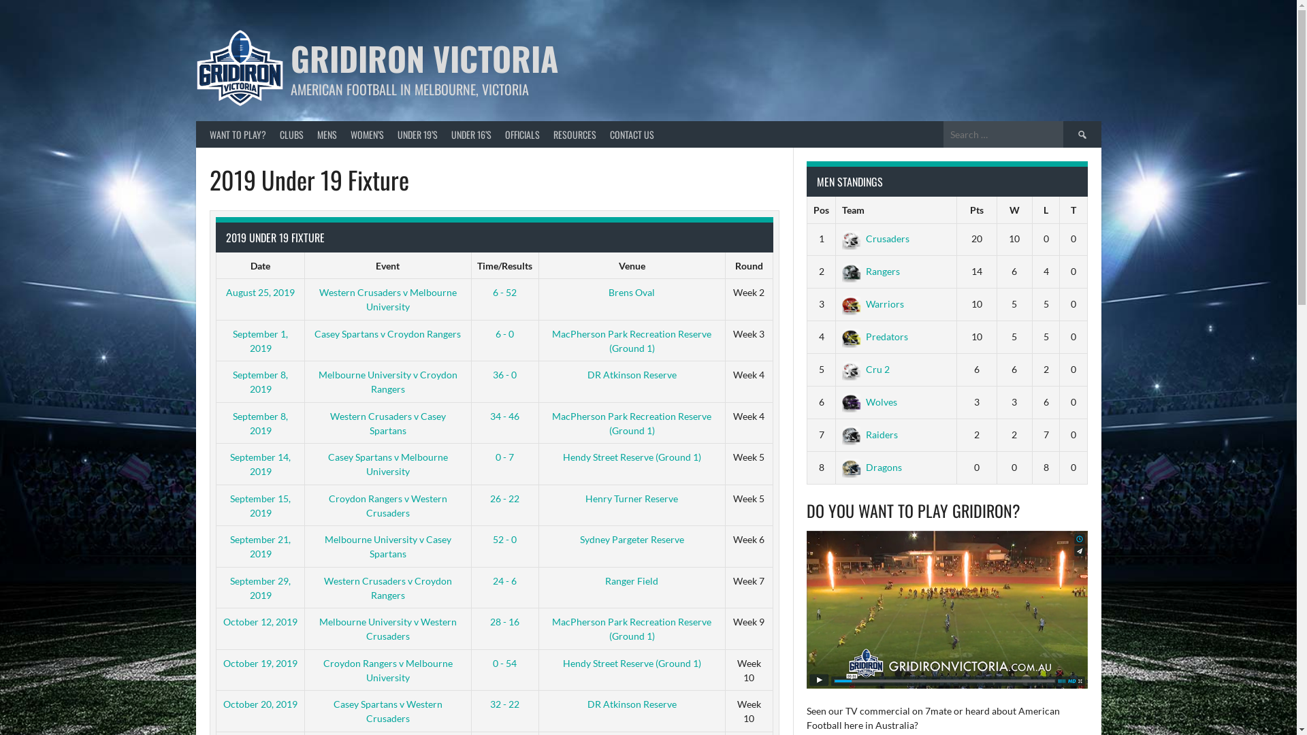  What do you see at coordinates (260, 340) in the screenshot?
I see `'September 1, 2019'` at bounding box center [260, 340].